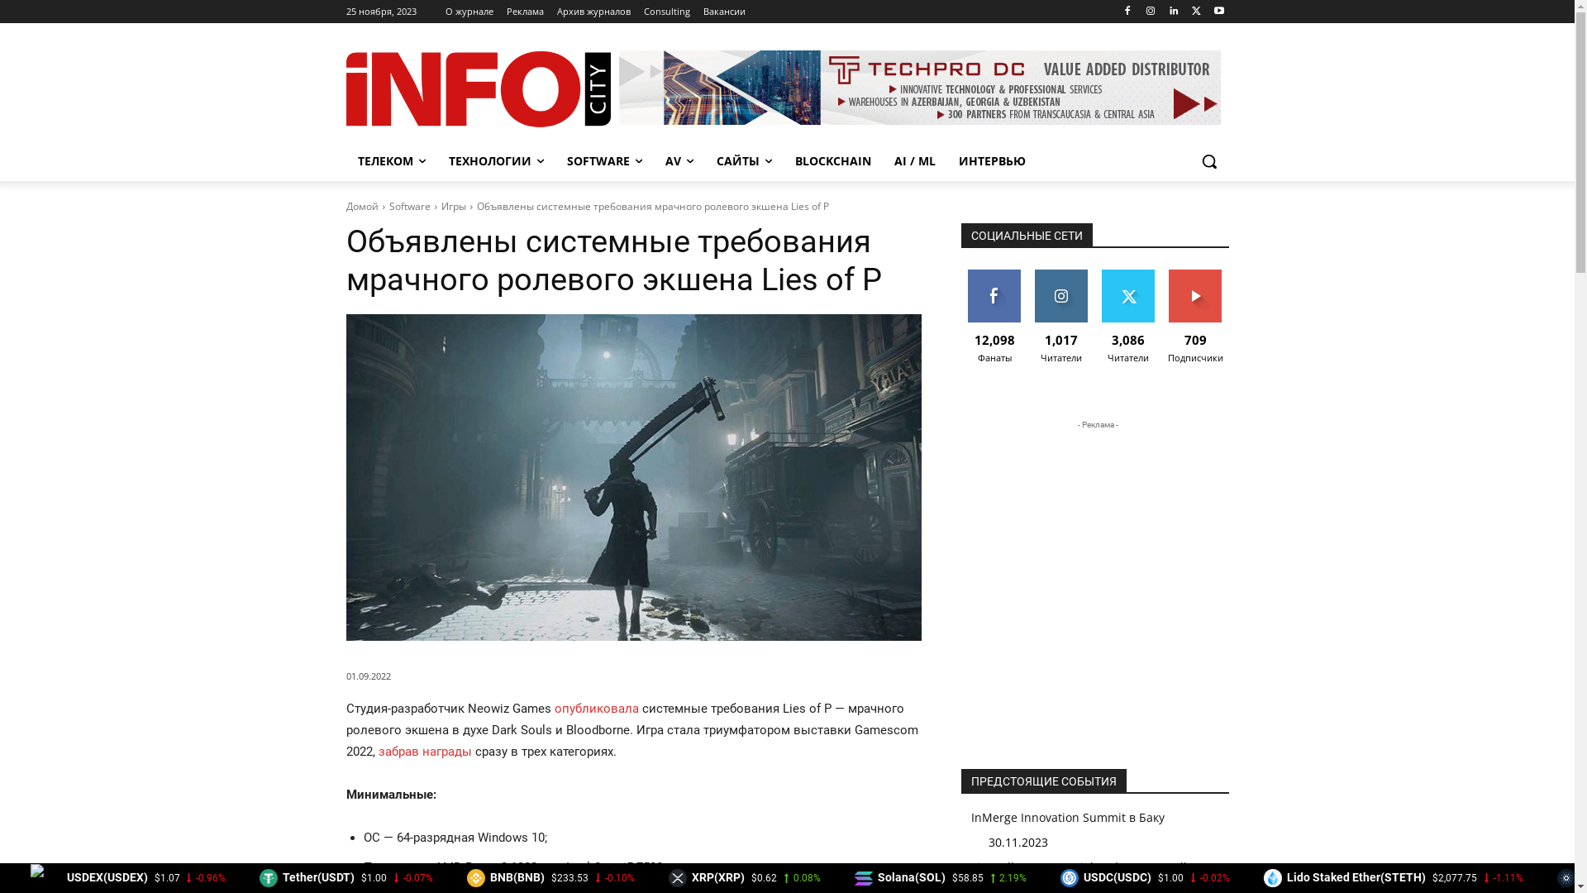 This screenshot has height=893, width=1587. Describe the element at coordinates (882, 161) in the screenshot. I see `'AI / ML'` at that location.